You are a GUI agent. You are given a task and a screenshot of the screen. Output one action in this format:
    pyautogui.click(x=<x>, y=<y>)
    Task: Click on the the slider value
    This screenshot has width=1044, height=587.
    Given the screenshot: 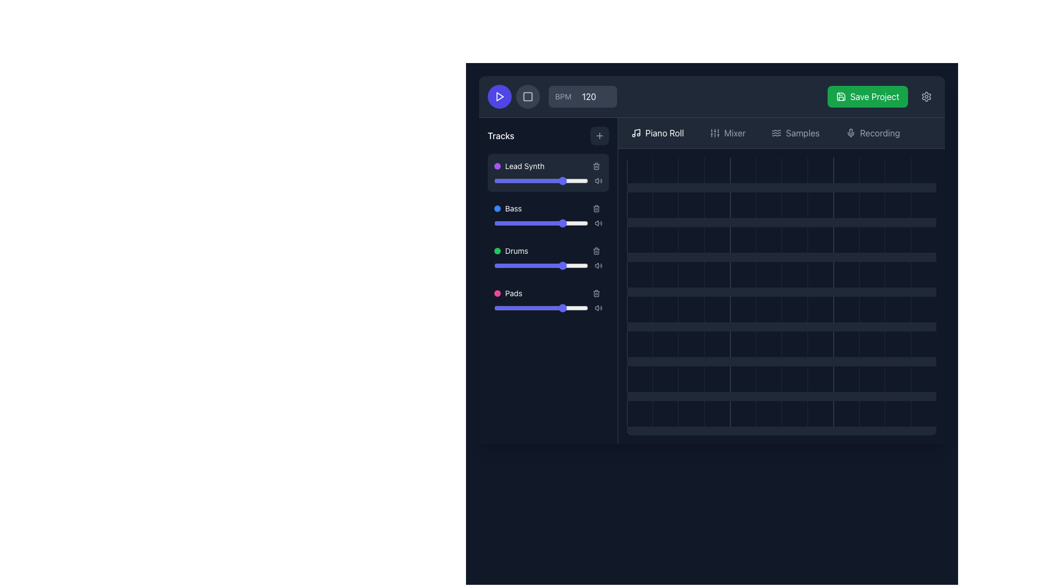 What is the action you would take?
    pyautogui.click(x=550, y=266)
    